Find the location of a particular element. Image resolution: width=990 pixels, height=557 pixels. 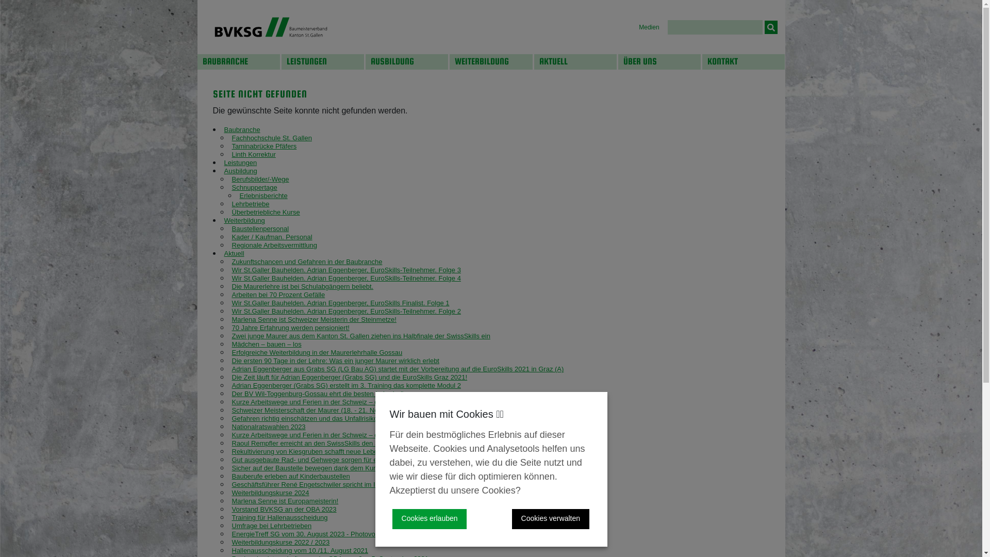

'Weiterbildungskurse 2024' is located at coordinates (270, 492).